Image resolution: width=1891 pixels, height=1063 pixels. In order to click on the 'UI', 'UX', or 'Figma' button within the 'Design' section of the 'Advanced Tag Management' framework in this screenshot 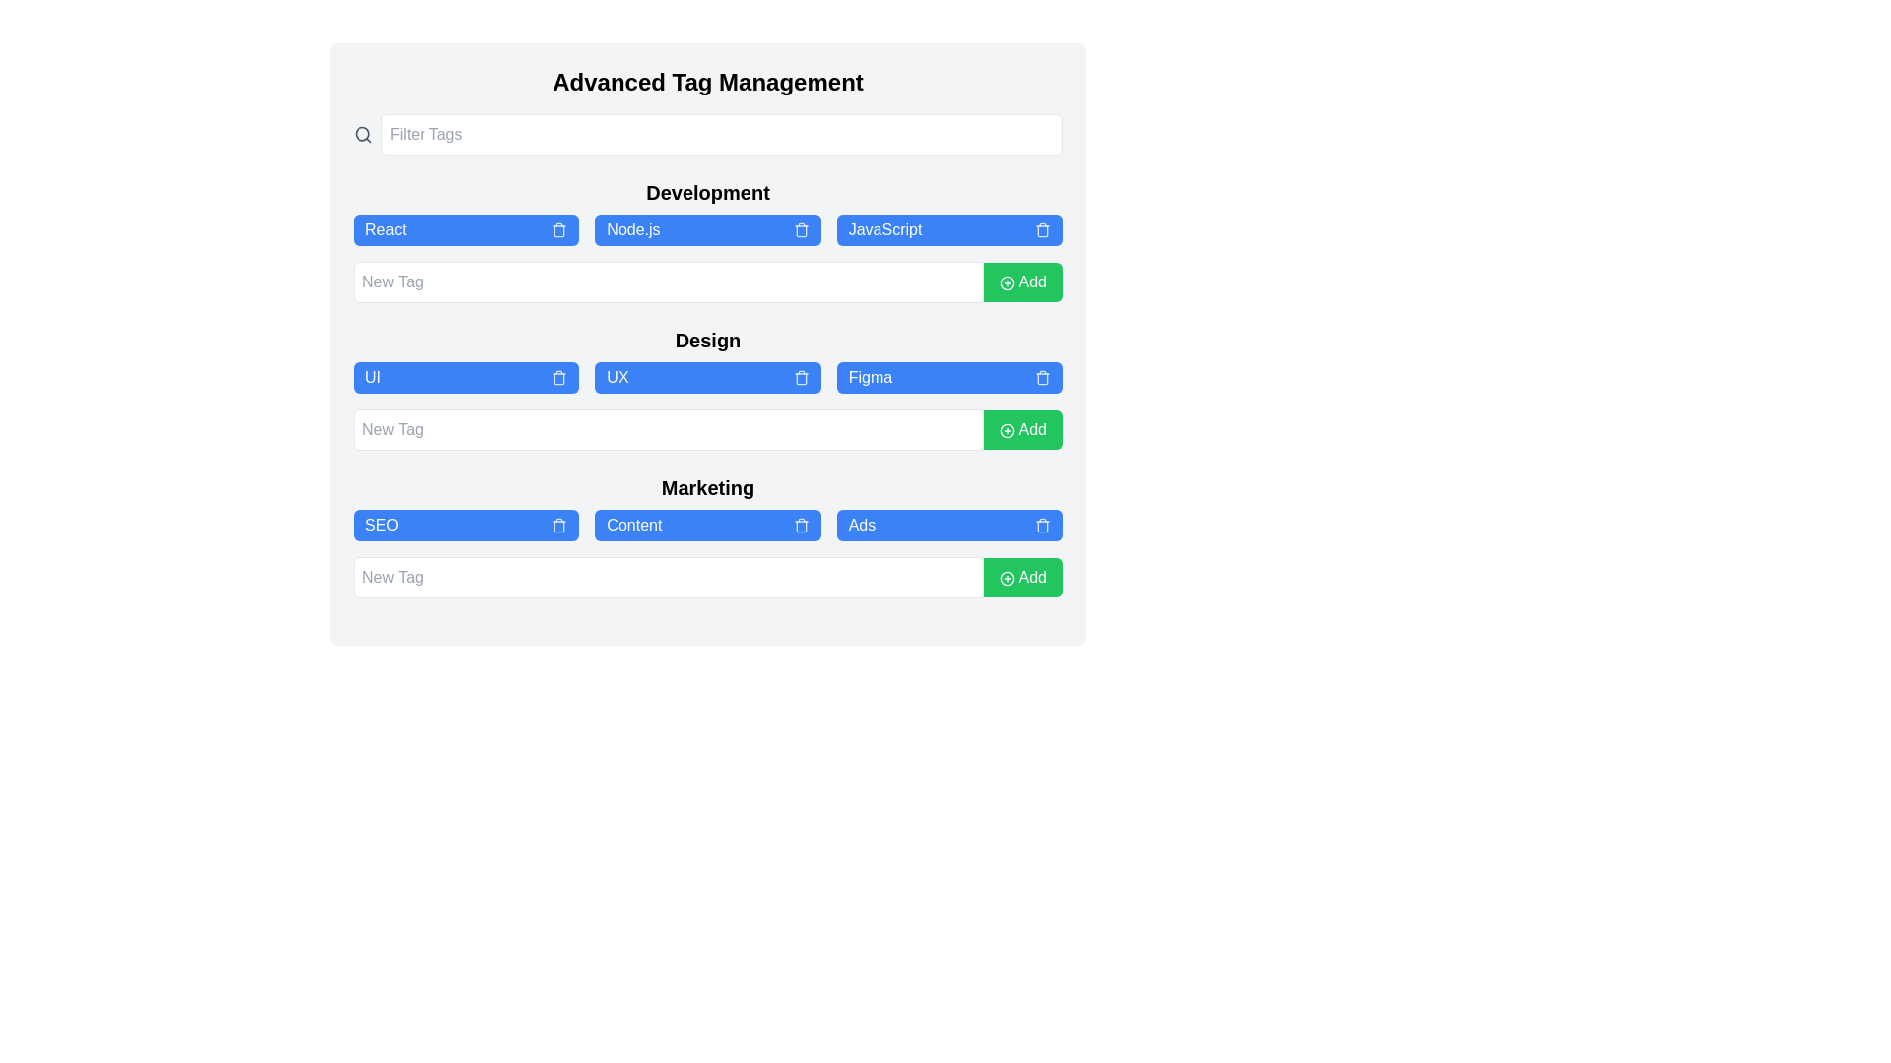, I will do `click(708, 378)`.